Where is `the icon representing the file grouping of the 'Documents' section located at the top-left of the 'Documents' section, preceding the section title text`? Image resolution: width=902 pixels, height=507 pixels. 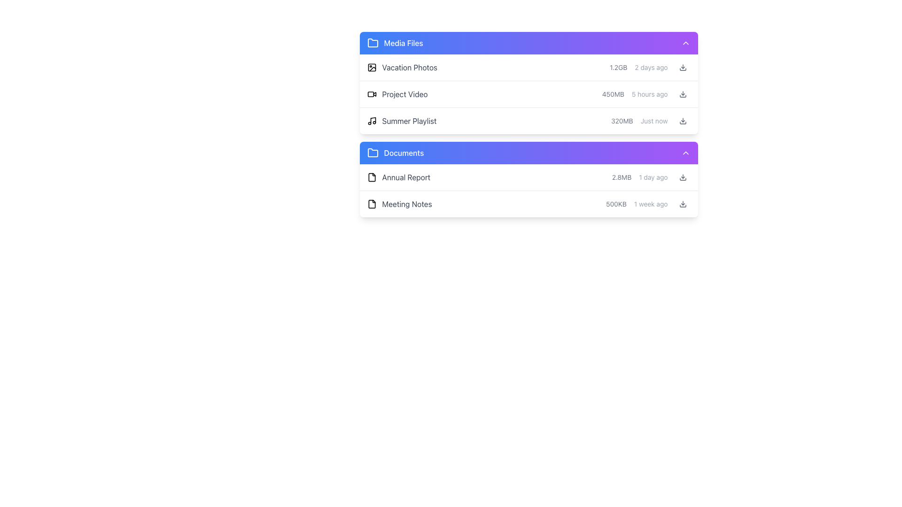
the icon representing the file grouping of the 'Documents' section located at the top-left of the 'Documents' section, preceding the section title text is located at coordinates (372, 152).